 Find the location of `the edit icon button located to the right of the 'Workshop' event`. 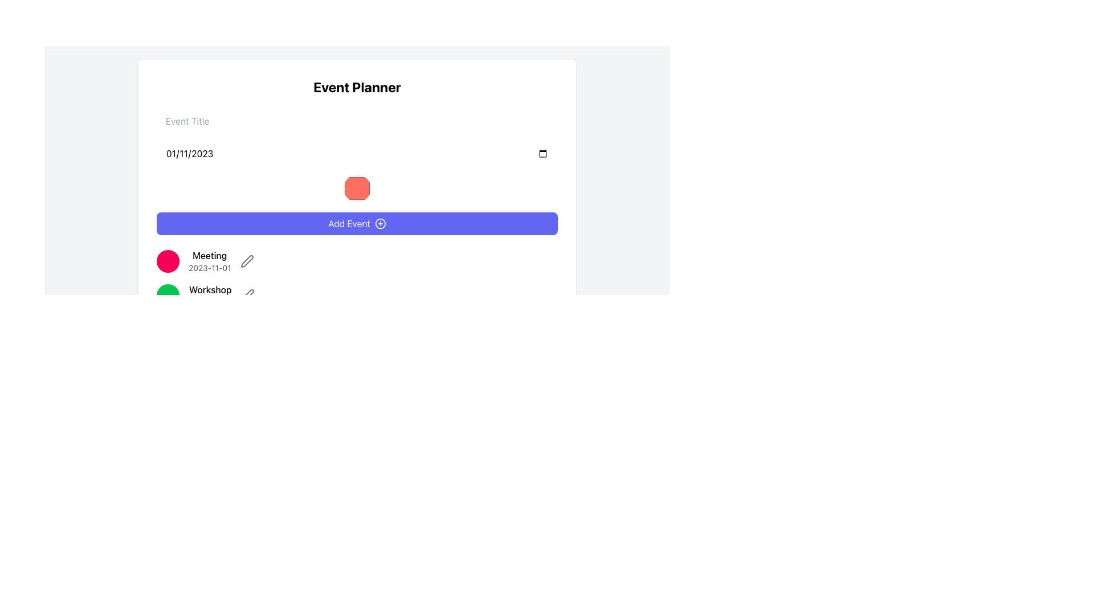

the edit icon button located to the right of the 'Workshop' event is located at coordinates (247, 295).